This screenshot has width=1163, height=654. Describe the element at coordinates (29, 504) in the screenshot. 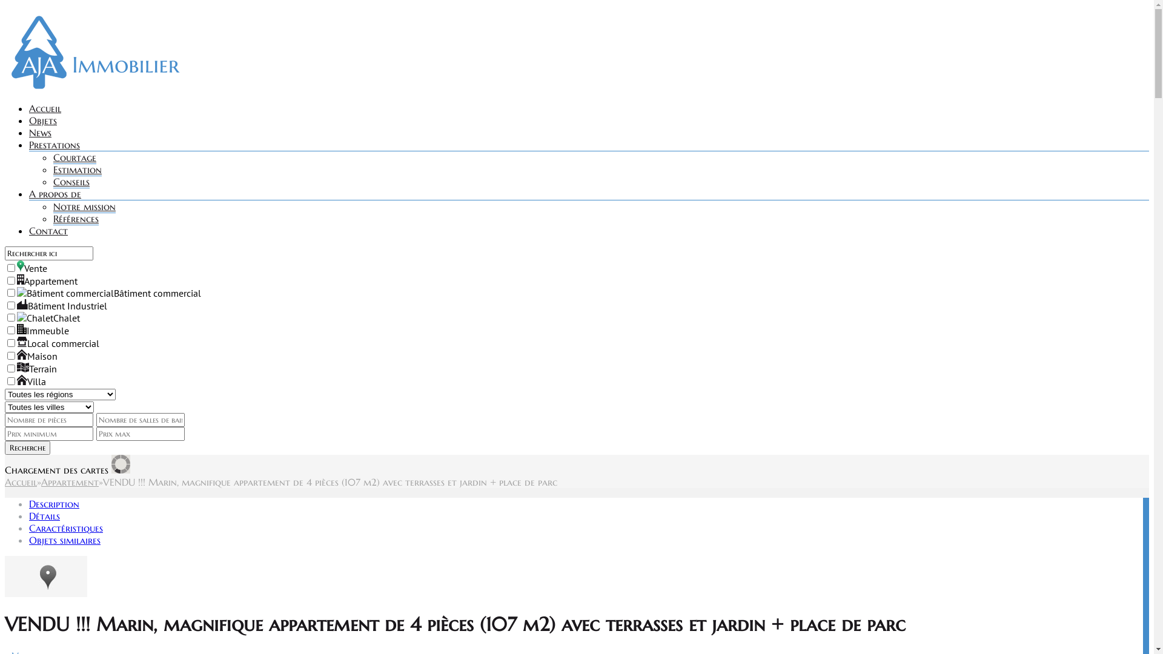

I see `'Description'` at that location.